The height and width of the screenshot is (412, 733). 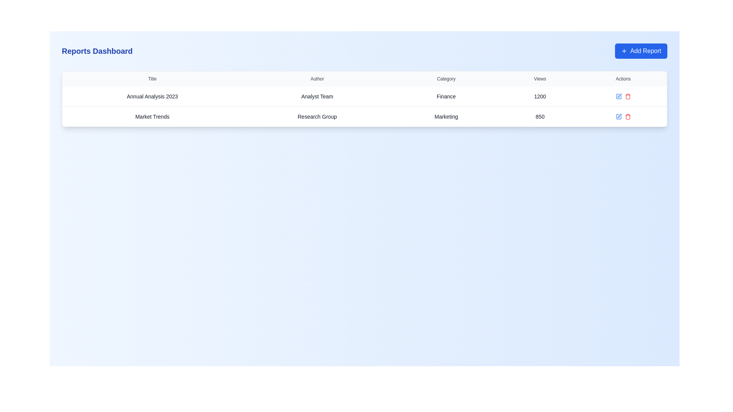 What do you see at coordinates (152, 96) in the screenshot?
I see `the text label displaying 'Annual Analysis 2023' in the first row of the table under the 'Title' column` at bounding box center [152, 96].